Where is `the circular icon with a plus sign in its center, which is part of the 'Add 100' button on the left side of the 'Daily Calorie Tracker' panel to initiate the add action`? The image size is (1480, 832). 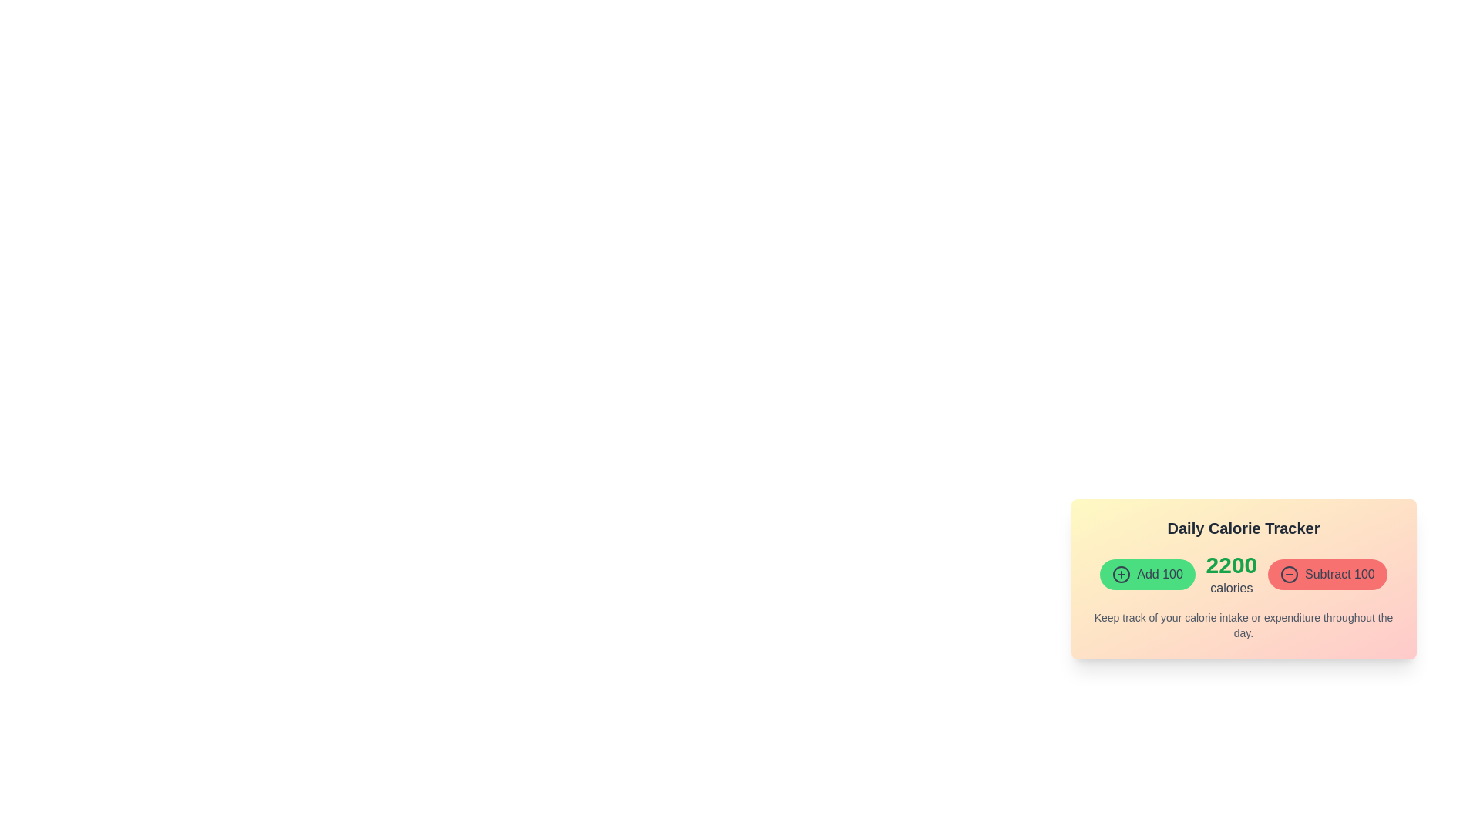 the circular icon with a plus sign in its center, which is part of the 'Add 100' button on the left side of the 'Daily Calorie Tracker' panel to initiate the add action is located at coordinates (1122, 574).